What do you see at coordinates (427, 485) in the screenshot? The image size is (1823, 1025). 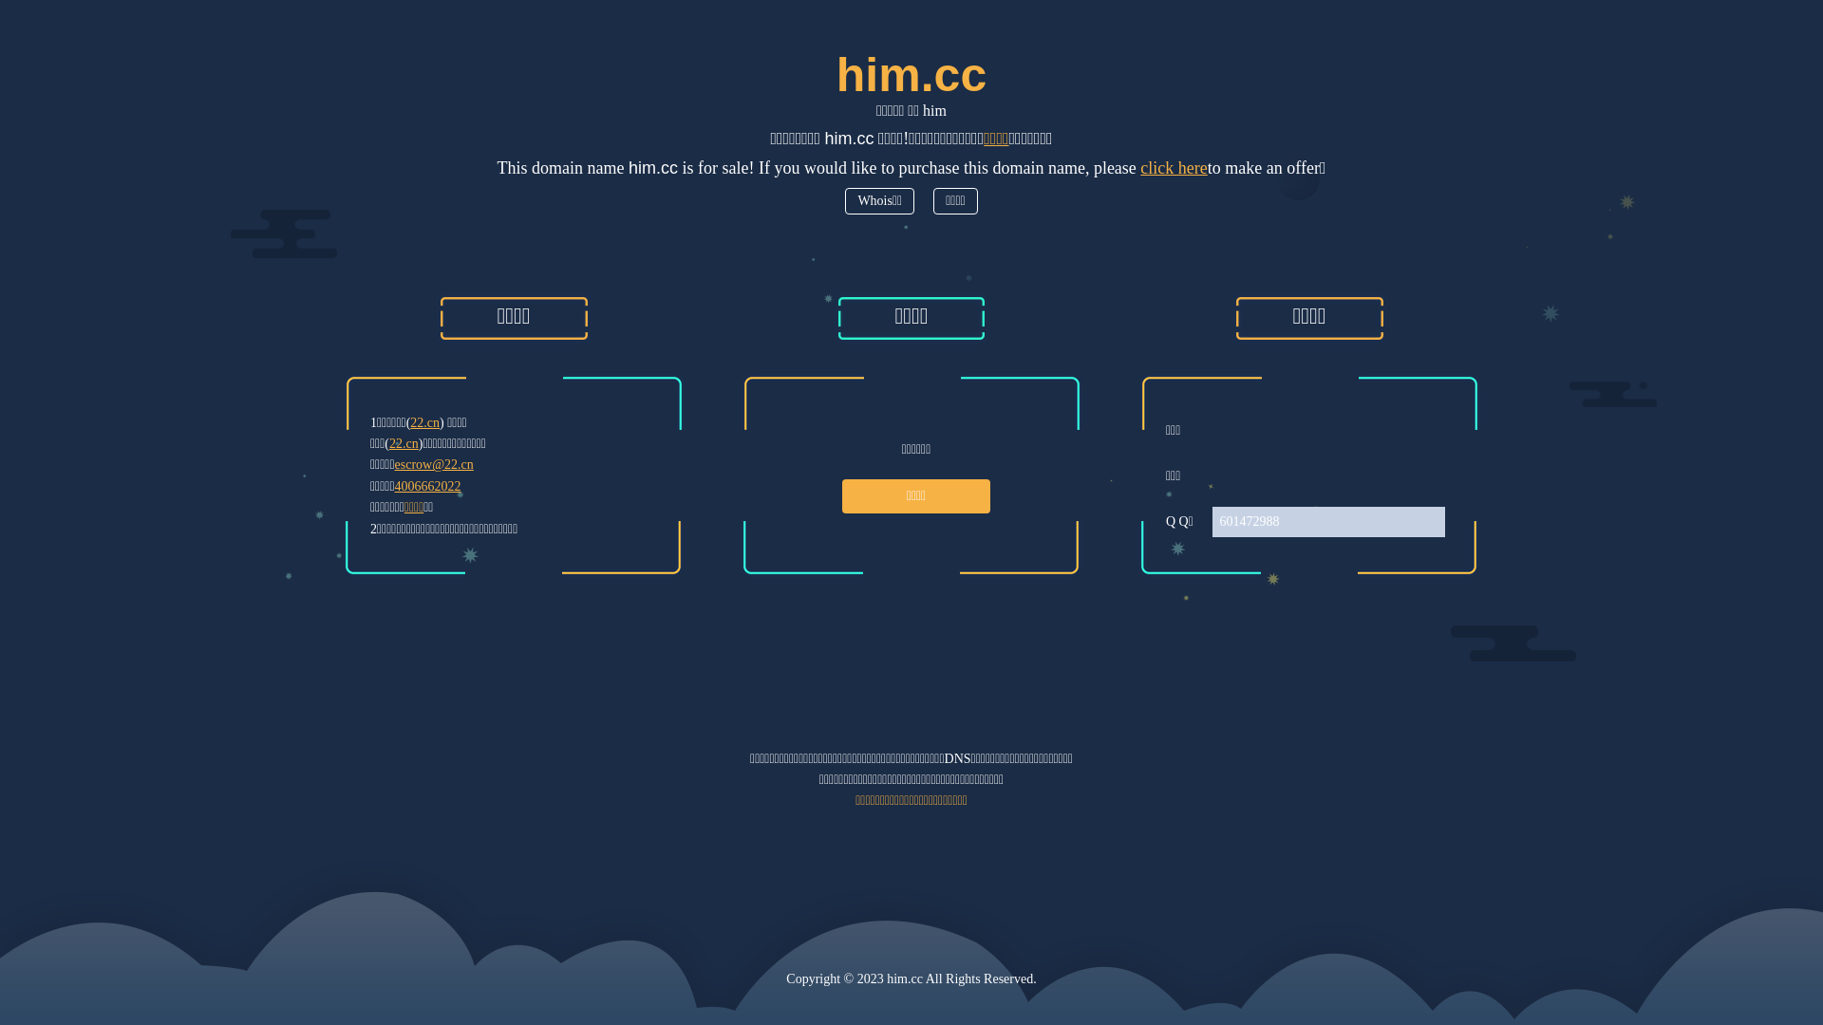 I see `'4006662022'` at bounding box center [427, 485].